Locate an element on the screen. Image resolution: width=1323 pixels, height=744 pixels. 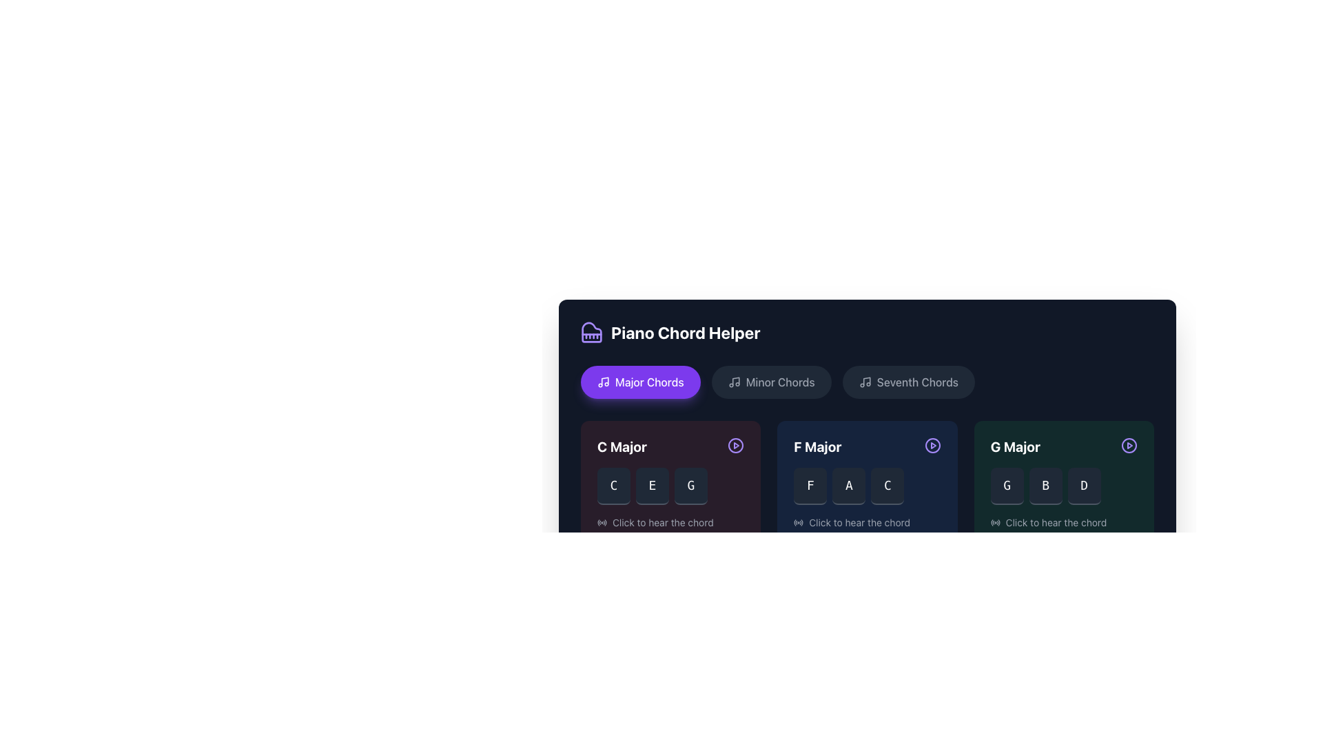
the third button in the 'C Major' panel, which is a dark gray button with a white letter 'G' in a monospace font, located between the 'C' and 'E' buttons is located at coordinates (691, 485).